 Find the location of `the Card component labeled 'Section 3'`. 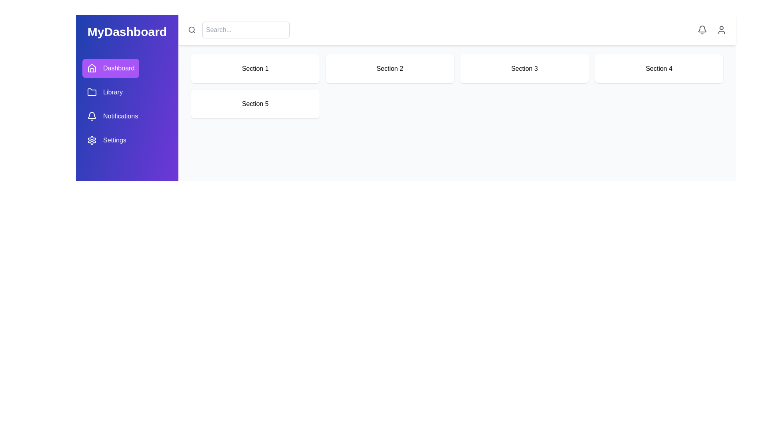

the Card component labeled 'Section 3' is located at coordinates (524, 68).